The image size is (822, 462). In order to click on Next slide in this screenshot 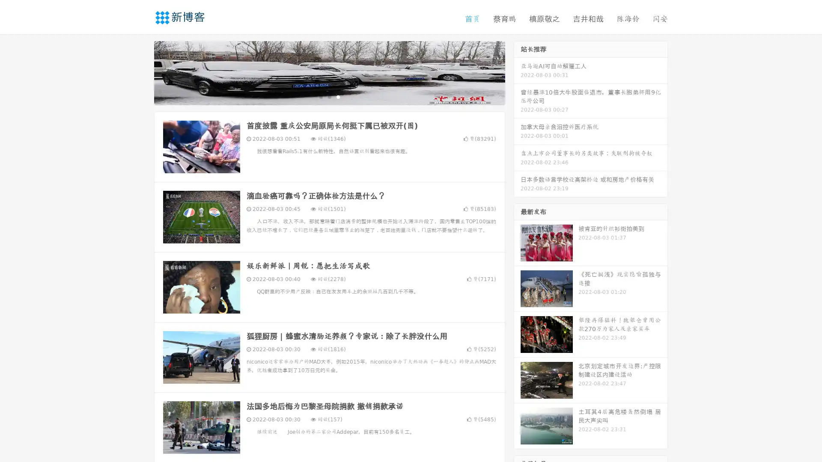, I will do `click(517, 72)`.